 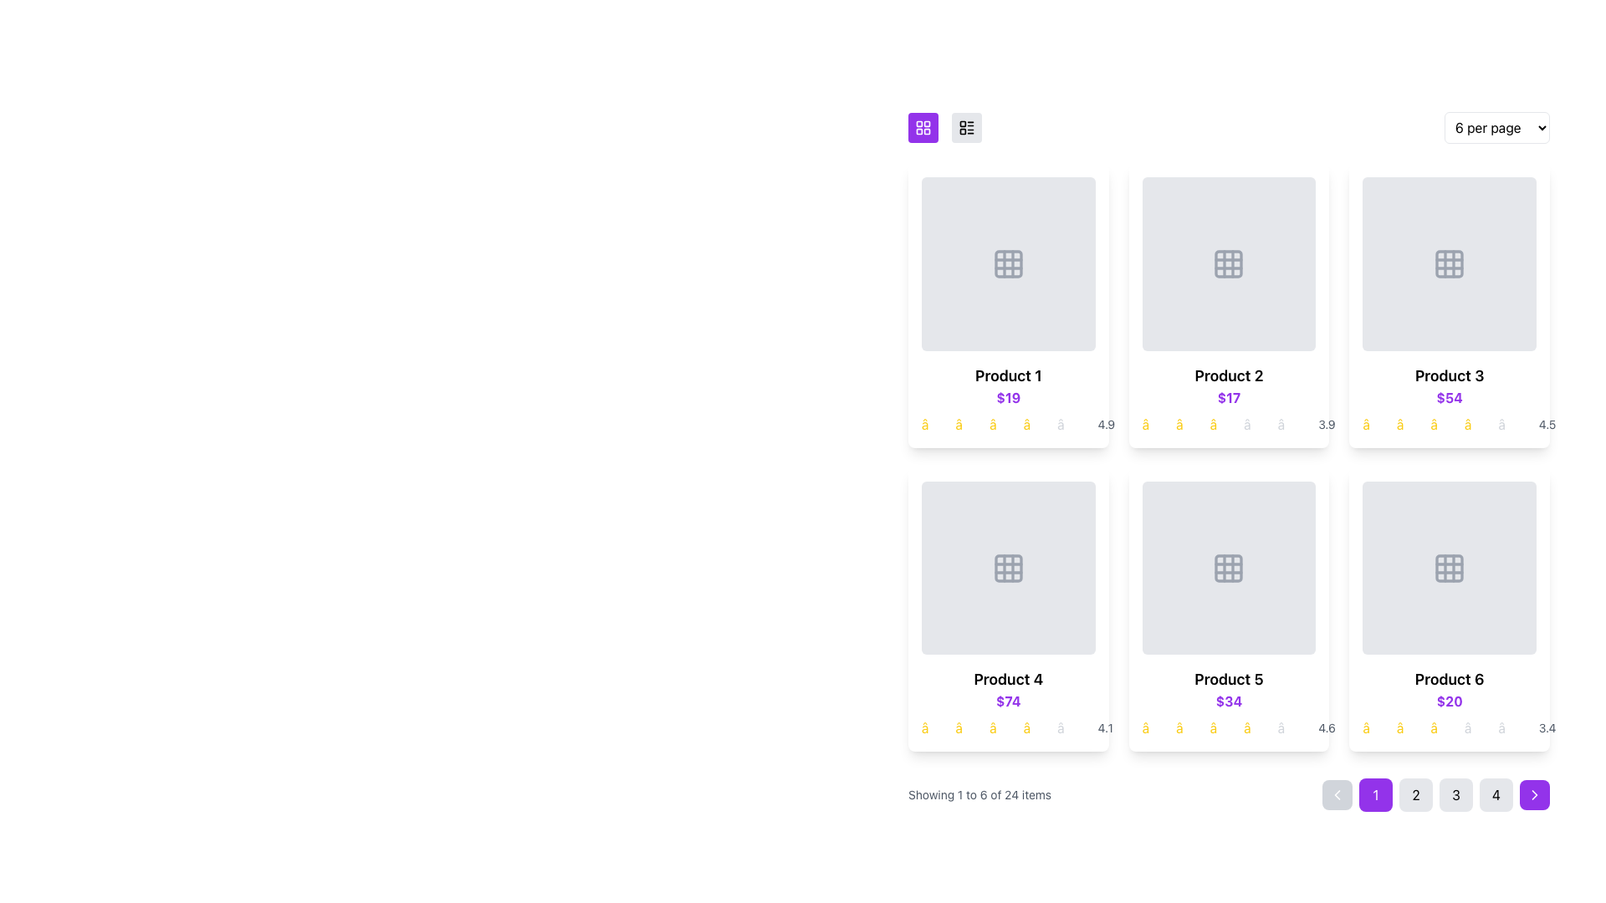 I want to click on to select or interact with the Information display card section, which provides an overview of the product including its name, price, and rating, located in the lower section of the third card in the second row, so click(x=1007, y=703).